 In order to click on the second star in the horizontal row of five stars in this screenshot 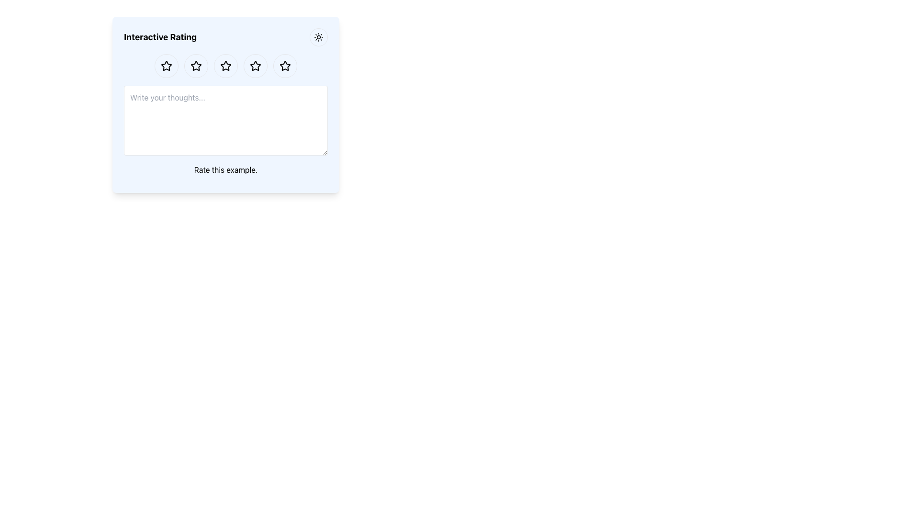, I will do `click(195, 66)`.